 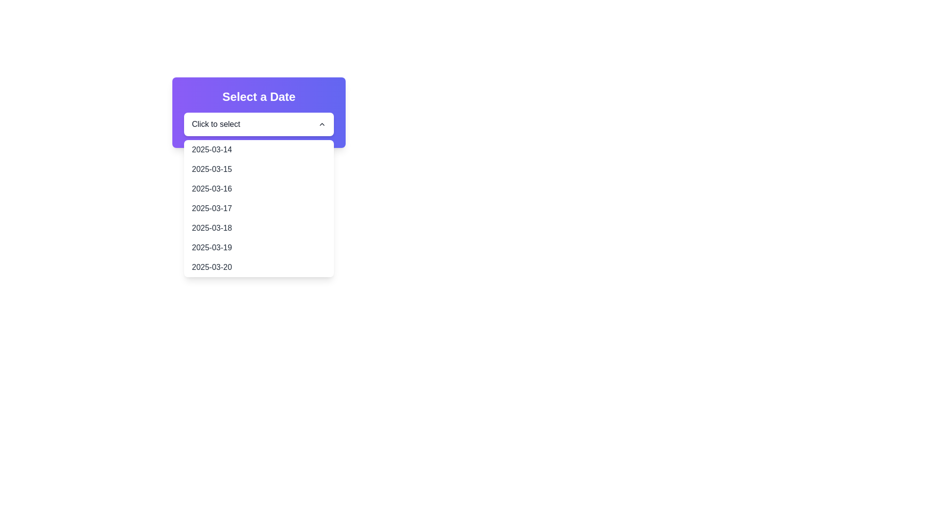 I want to click on the third option in the dropdown menu displaying '2025-03-16', so click(x=258, y=189).